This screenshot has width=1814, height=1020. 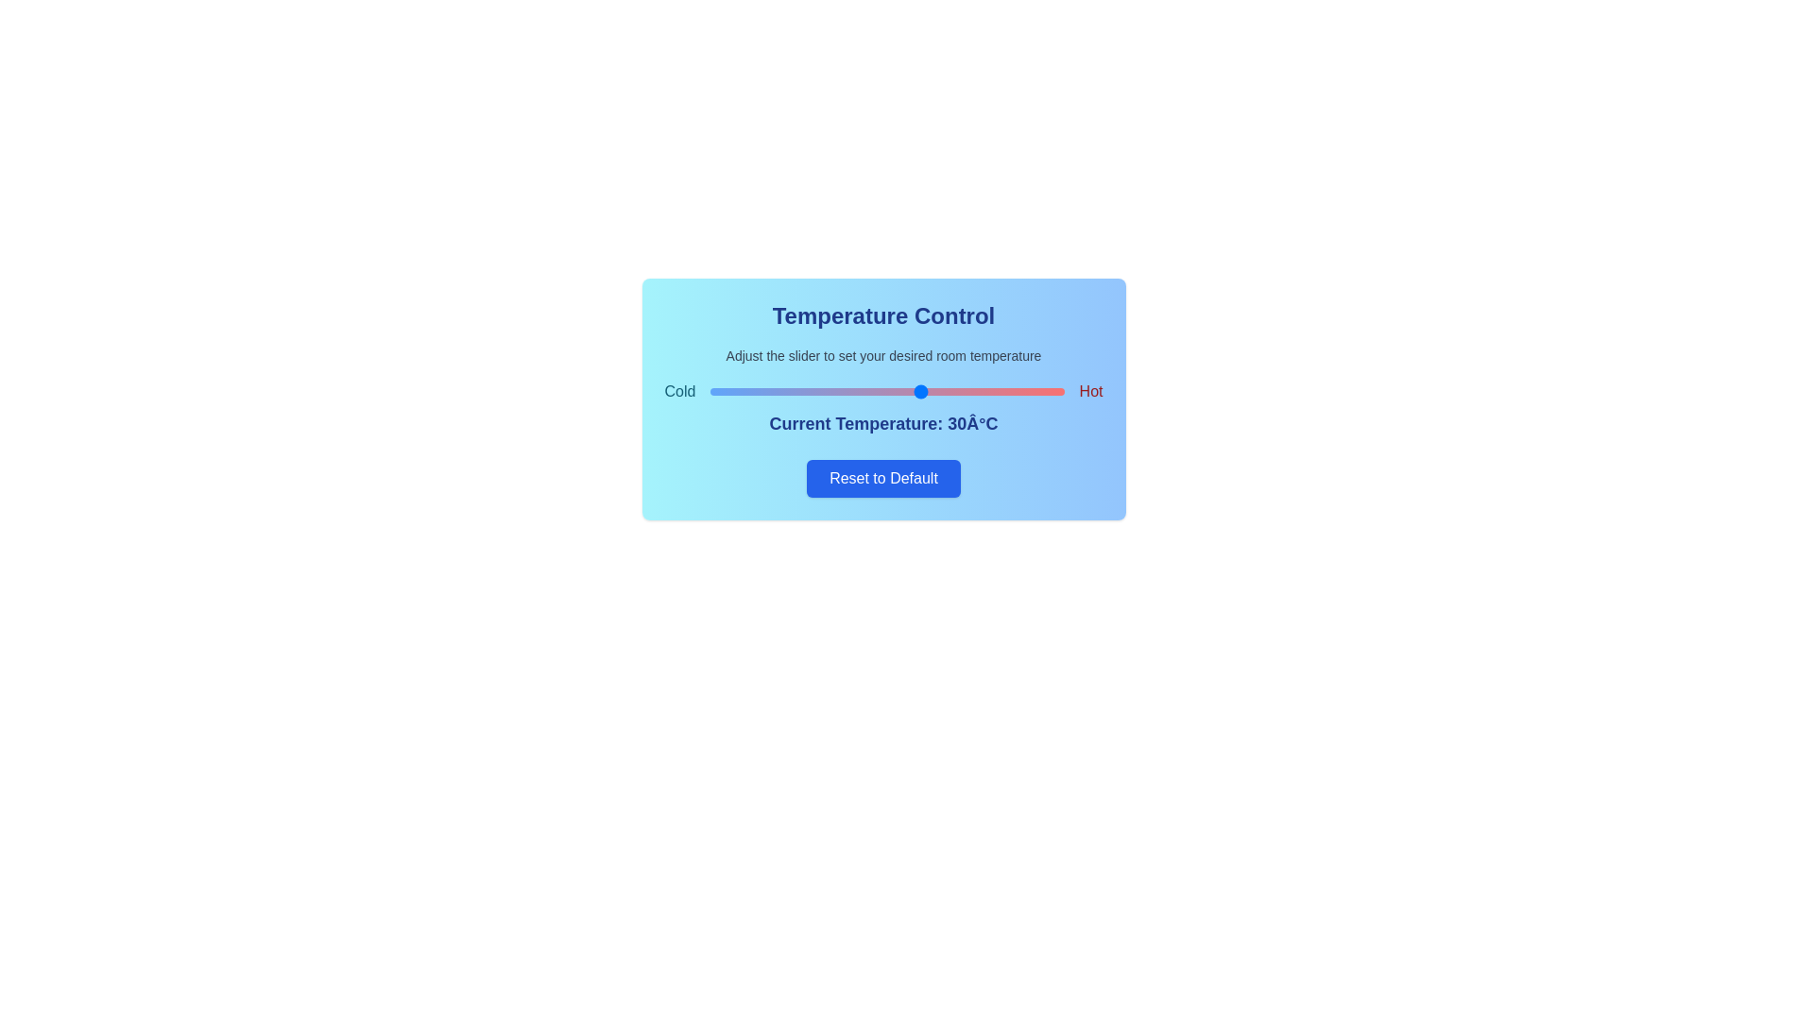 I want to click on 'Reset to Default' button to reset the temperature to the default value, so click(x=882, y=477).